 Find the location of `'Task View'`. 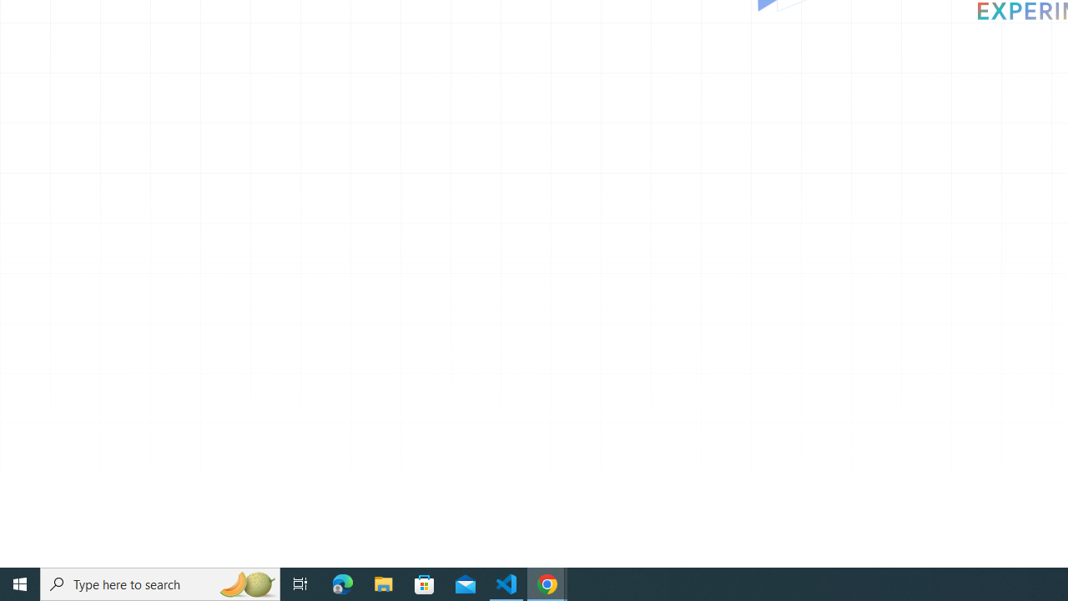

'Task View' is located at coordinates (300, 583).